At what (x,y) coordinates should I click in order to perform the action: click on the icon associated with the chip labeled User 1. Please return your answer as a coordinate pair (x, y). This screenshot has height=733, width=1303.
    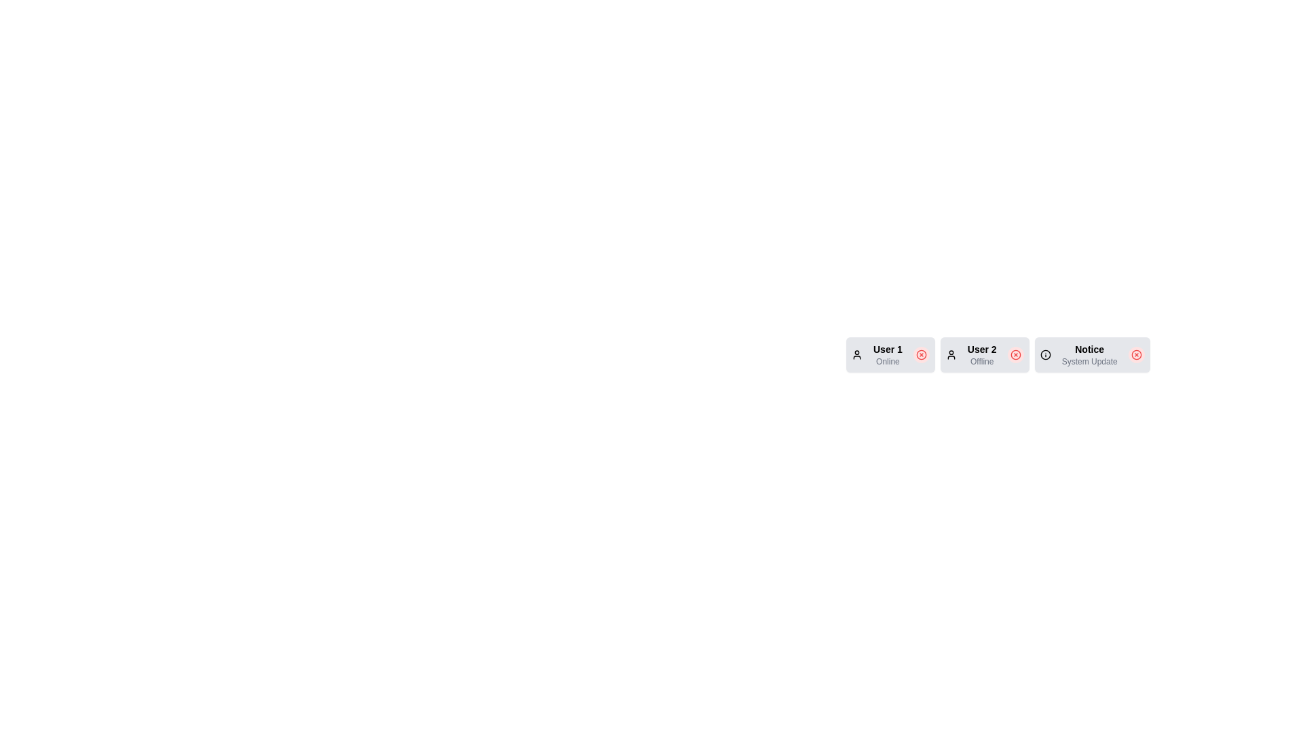
    Looking at the image, I should click on (856, 354).